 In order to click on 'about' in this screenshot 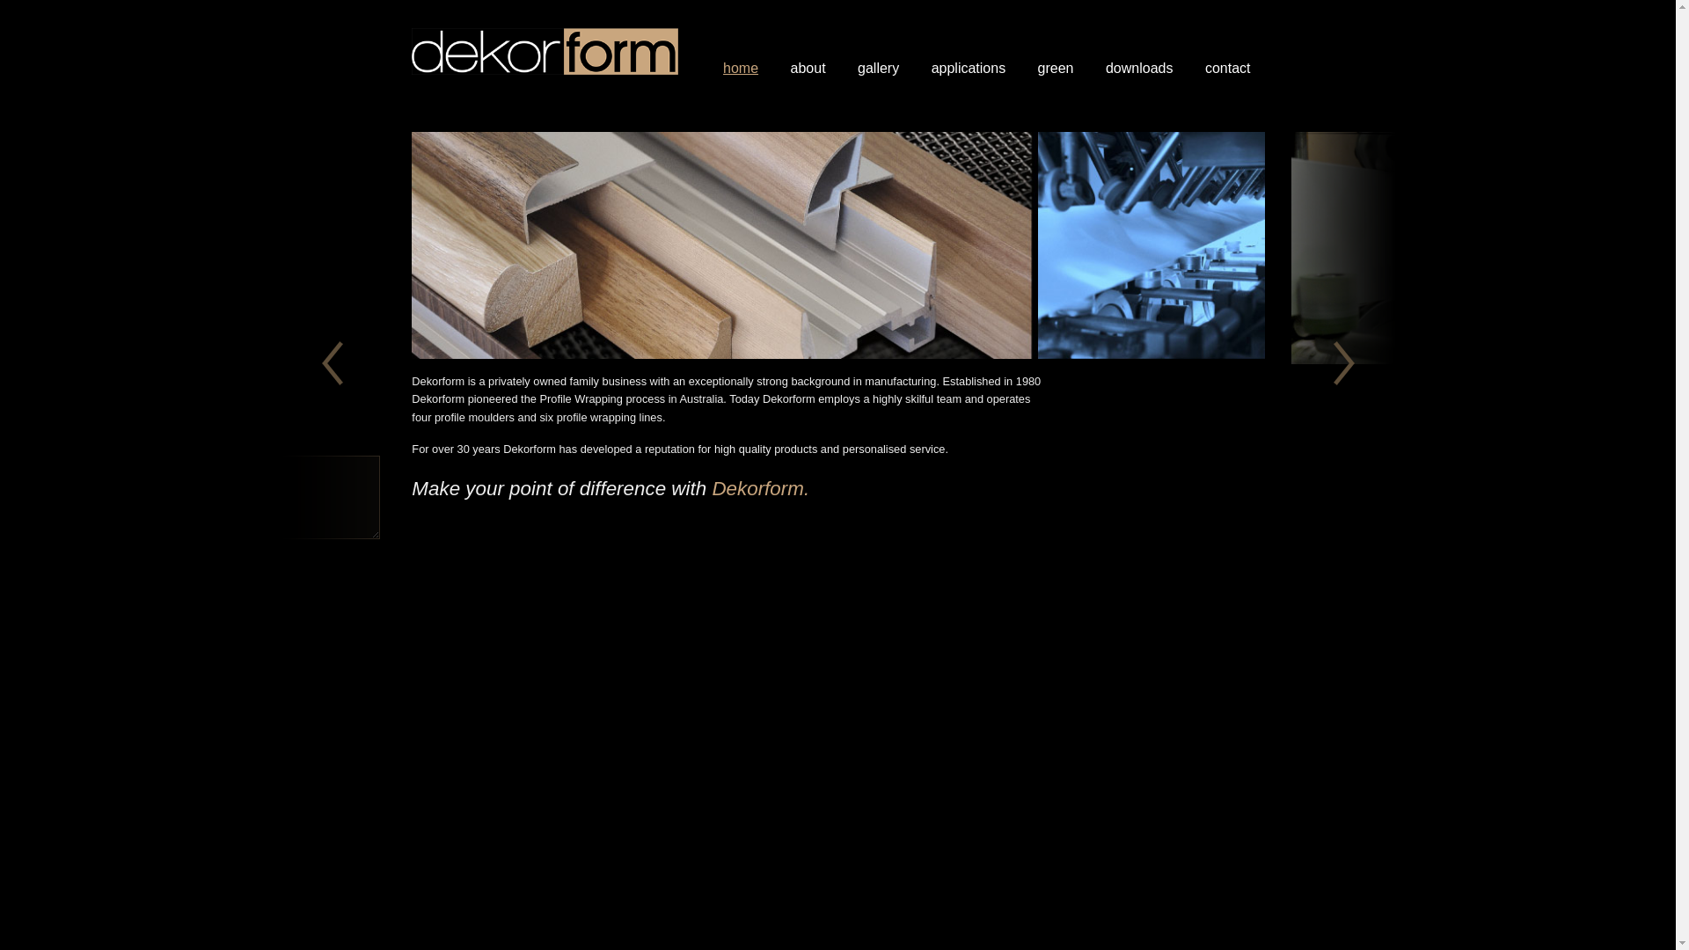, I will do `click(776, 50)`.